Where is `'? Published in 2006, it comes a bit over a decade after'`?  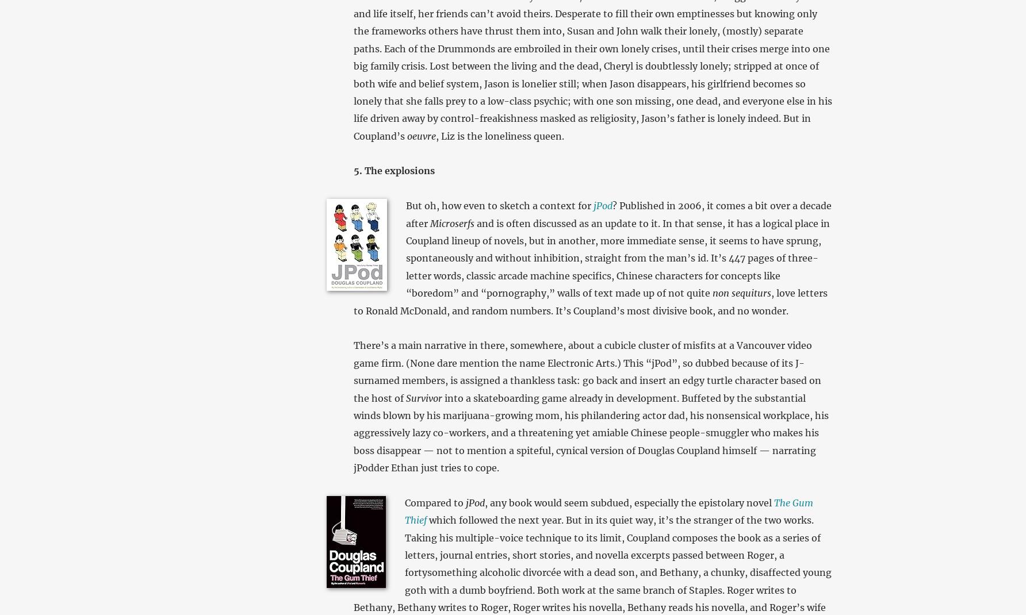 '? Published in 2006, it comes a bit over a decade after' is located at coordinates (618, 214).